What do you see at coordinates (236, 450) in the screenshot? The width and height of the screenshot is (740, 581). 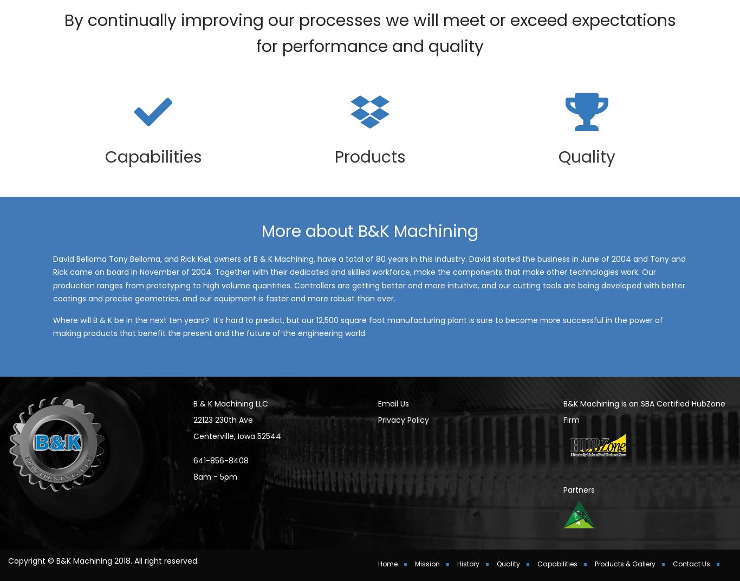 I see `'Centerville, Iowa 52544'` at bounding box center [236, 450].